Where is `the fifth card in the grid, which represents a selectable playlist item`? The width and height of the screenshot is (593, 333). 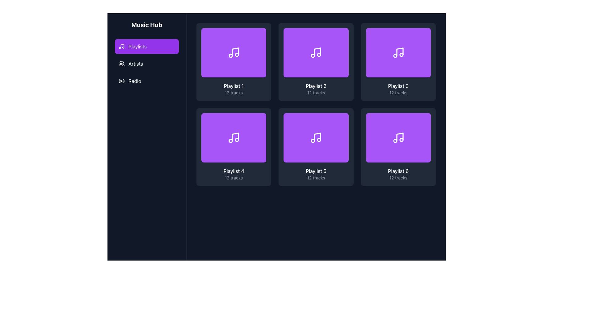
the fifth card in the grid, which represents a selectable playlist item is located at coordinates (316, 147).